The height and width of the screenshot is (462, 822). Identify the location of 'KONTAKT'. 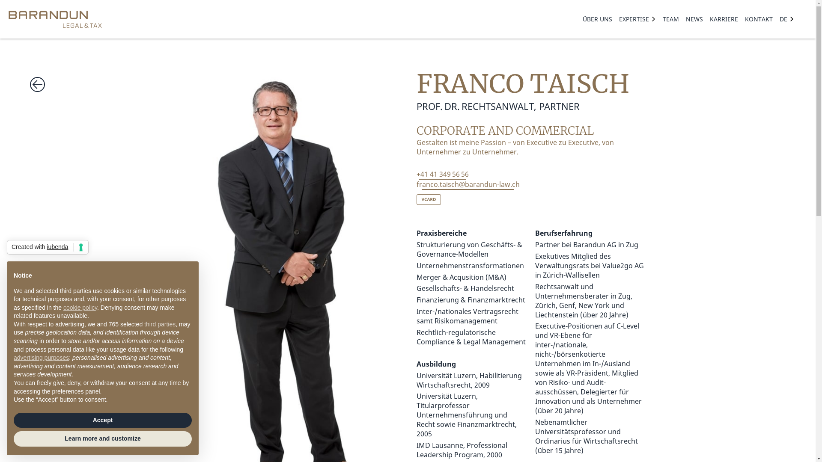
(759, 19).